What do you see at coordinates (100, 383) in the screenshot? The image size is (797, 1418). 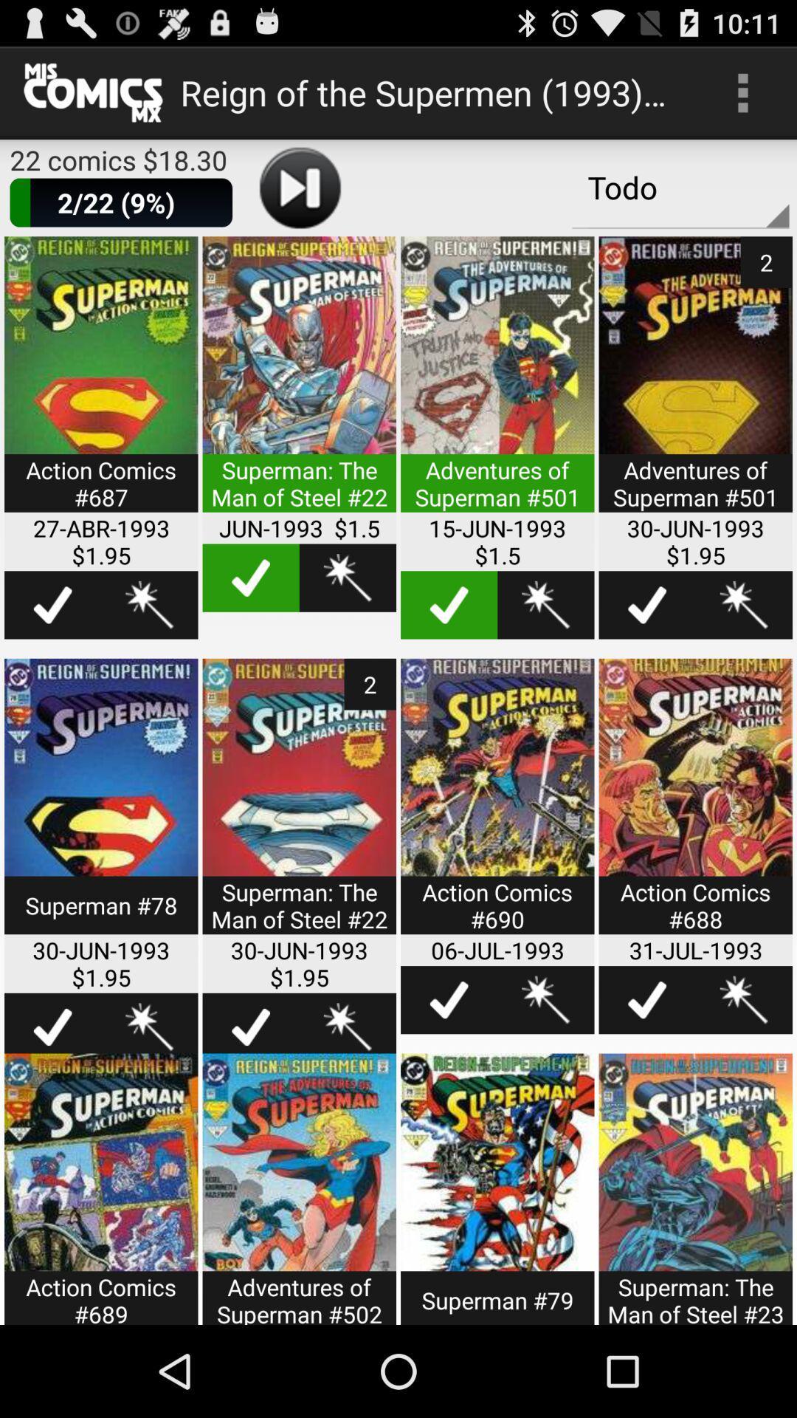 I see `open up comic book` at bounding box center [100, 383].